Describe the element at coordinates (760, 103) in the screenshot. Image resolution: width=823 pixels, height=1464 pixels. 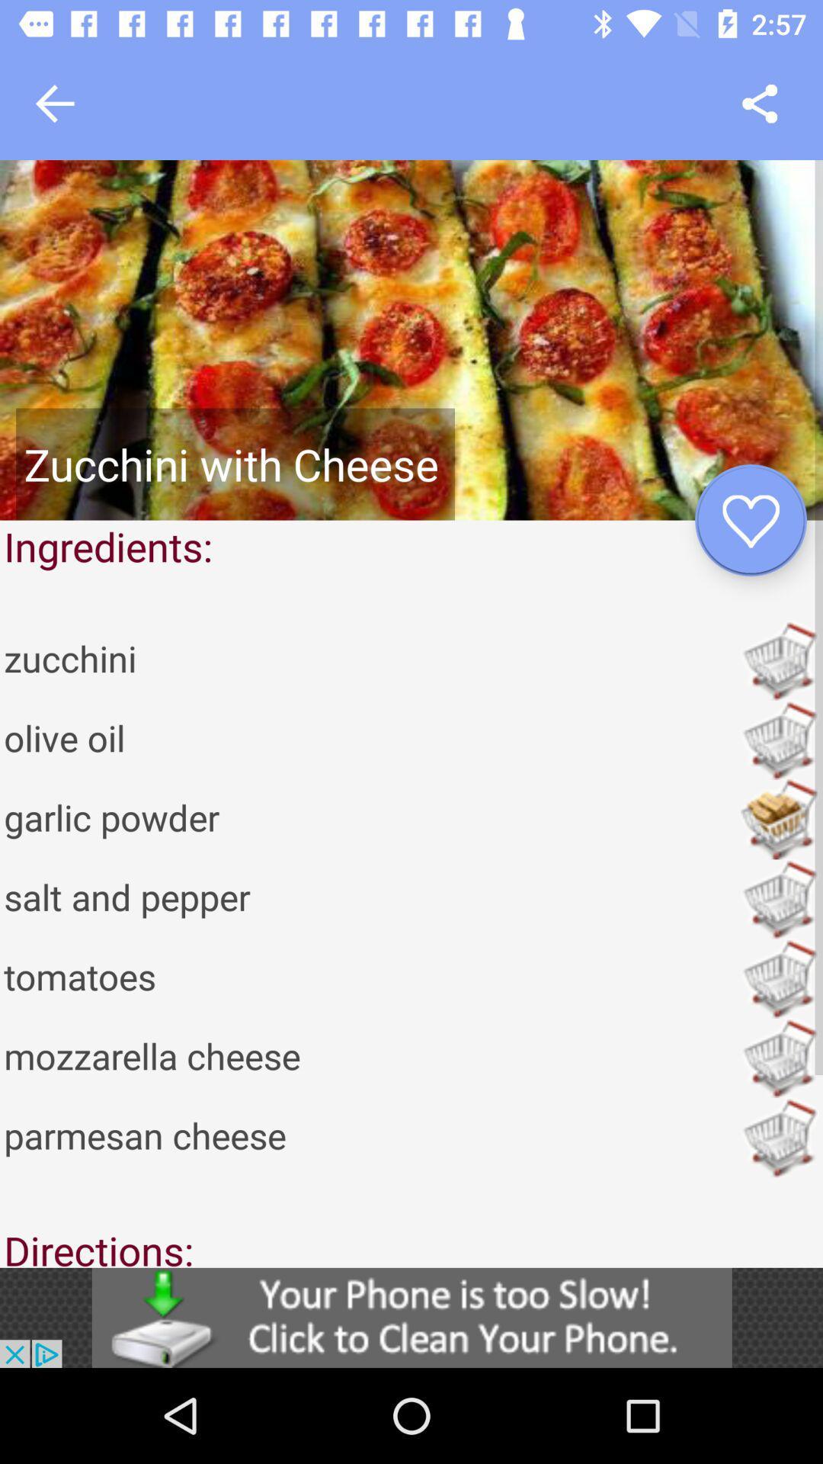
I see `share` at that location.